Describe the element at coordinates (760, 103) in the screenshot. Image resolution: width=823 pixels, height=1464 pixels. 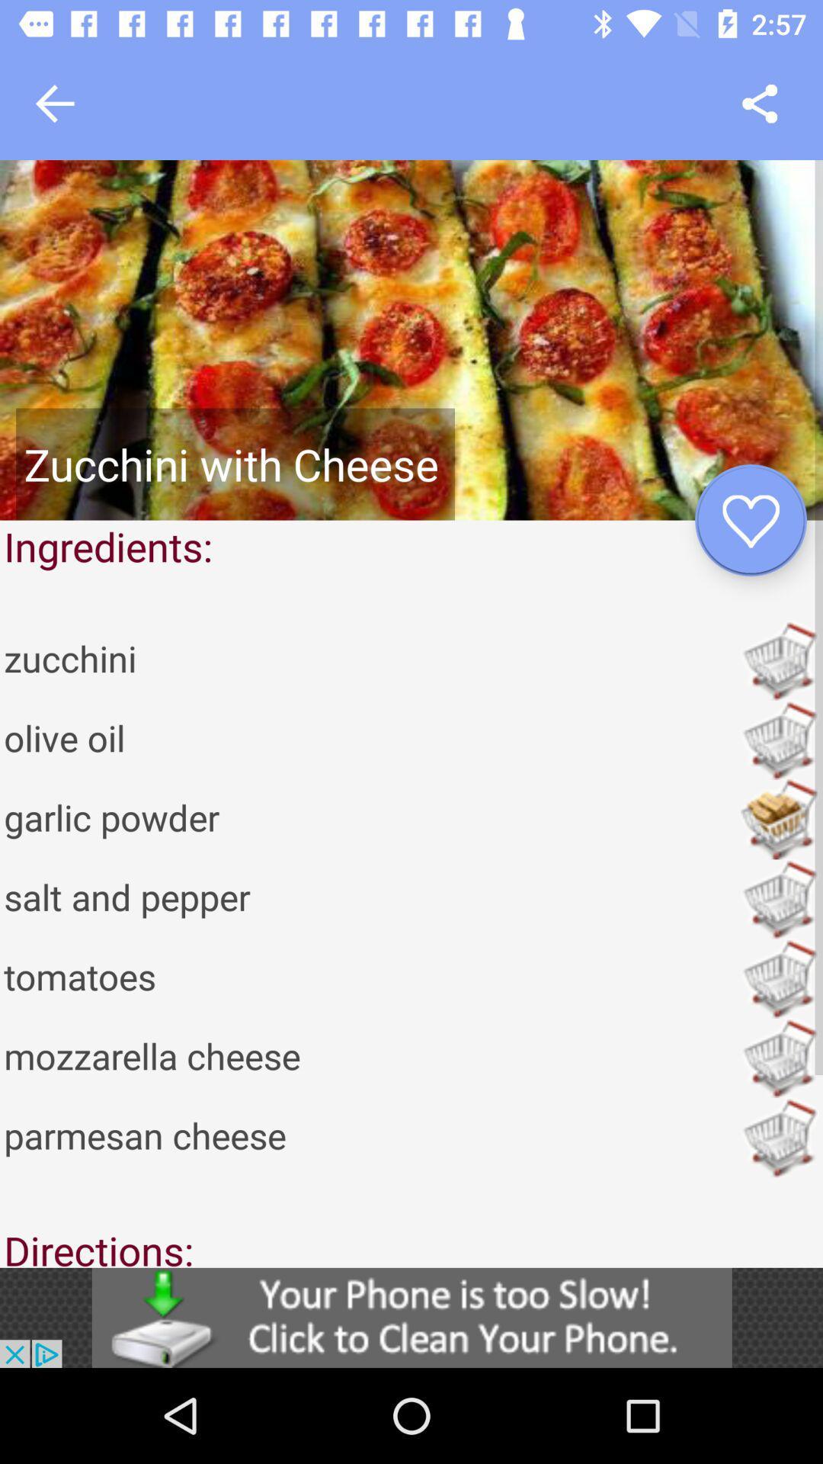
I see `share` at that location.